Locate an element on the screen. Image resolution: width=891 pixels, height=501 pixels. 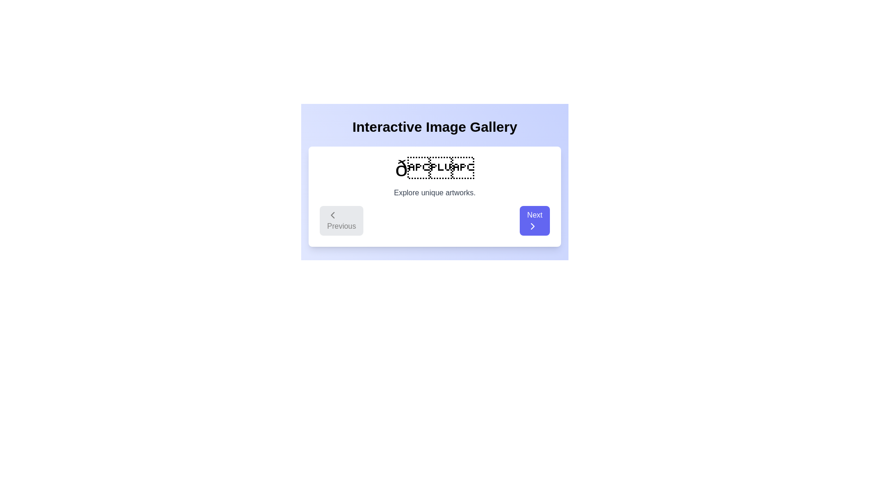
the Next button to navigate the gallery is located at coordinates (535, 220).